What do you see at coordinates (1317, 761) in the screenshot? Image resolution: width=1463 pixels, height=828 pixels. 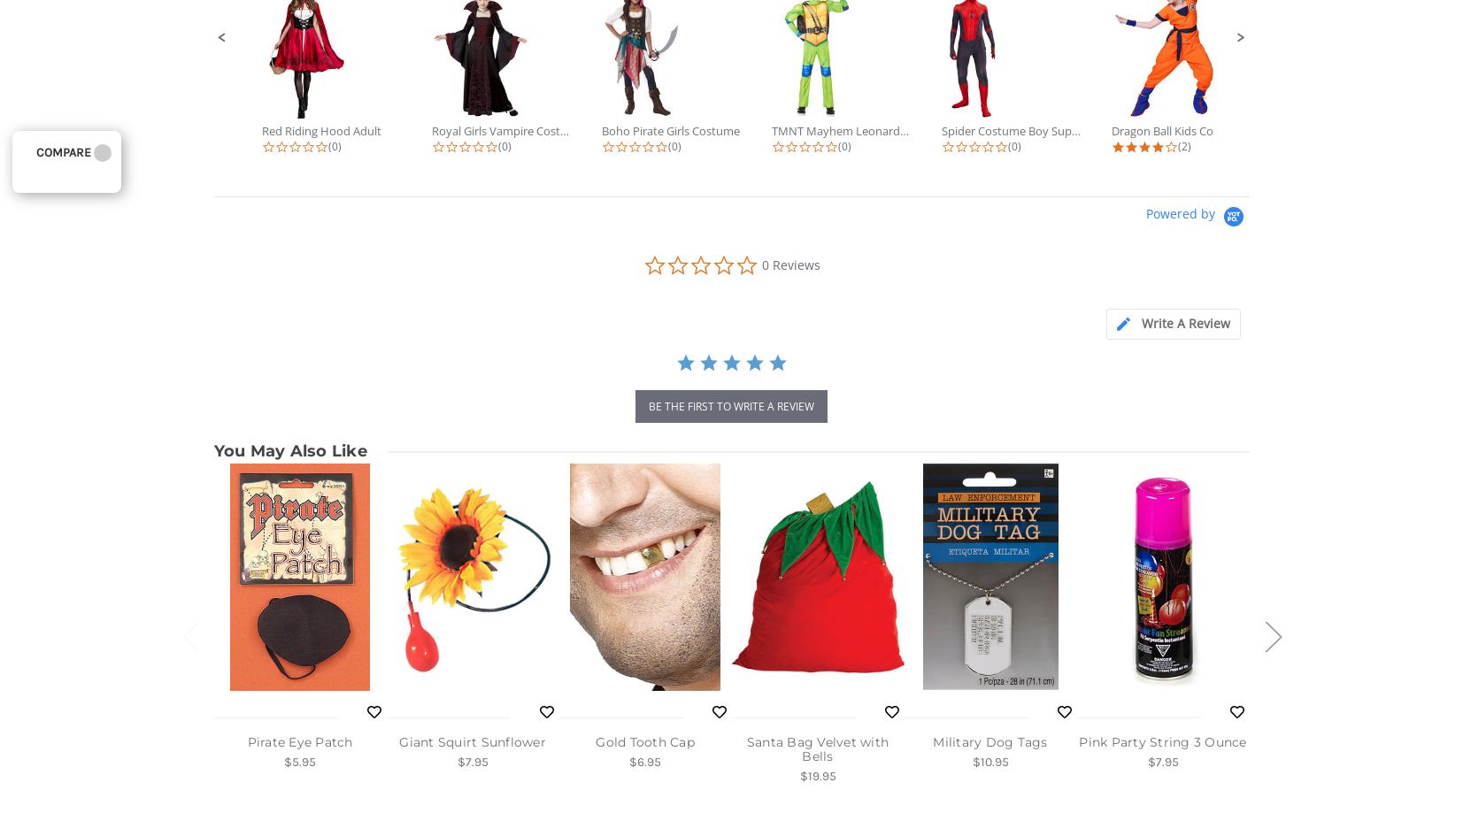 I see `'$18.95'` at bounding box center [1317, 761].